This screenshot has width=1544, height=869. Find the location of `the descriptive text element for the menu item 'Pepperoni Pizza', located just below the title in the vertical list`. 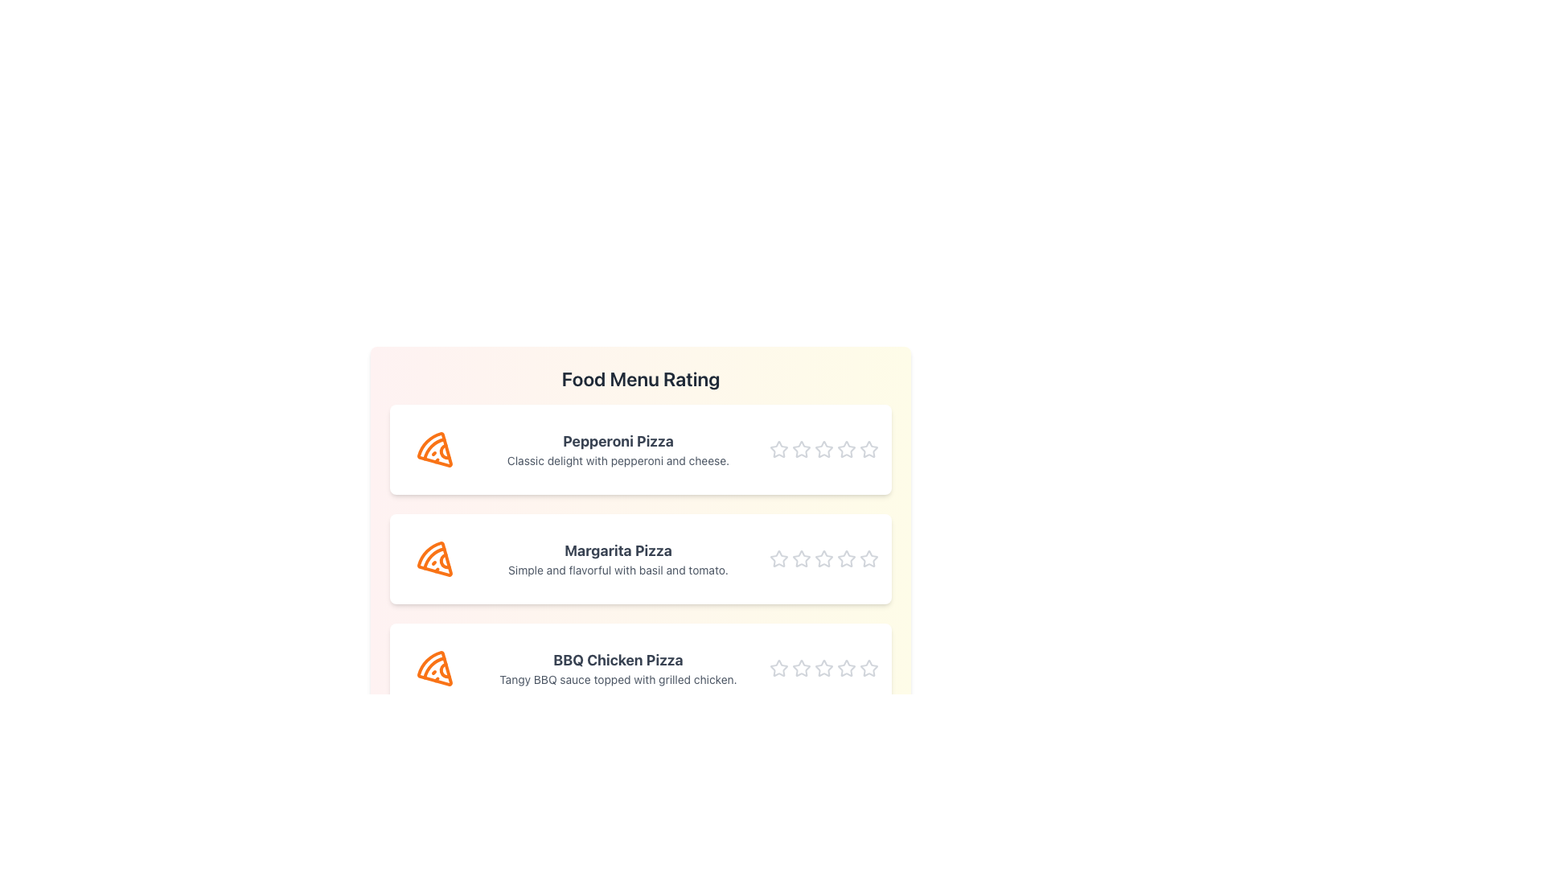

the descriptive text element for the menu item 'Pepperoni Pizza', located just below the title in the vertical list is located at coordinates (617, 461).